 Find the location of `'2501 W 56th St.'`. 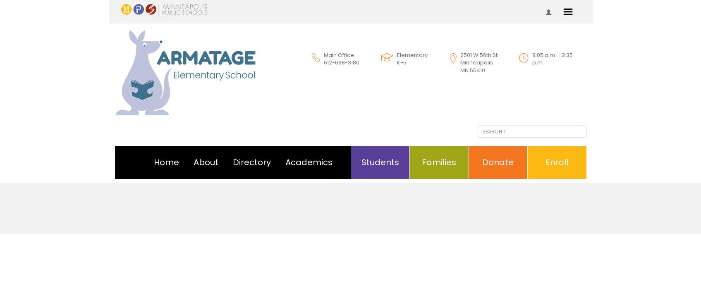

'2501 W 56th St.' is located at coordinates (478, 54).